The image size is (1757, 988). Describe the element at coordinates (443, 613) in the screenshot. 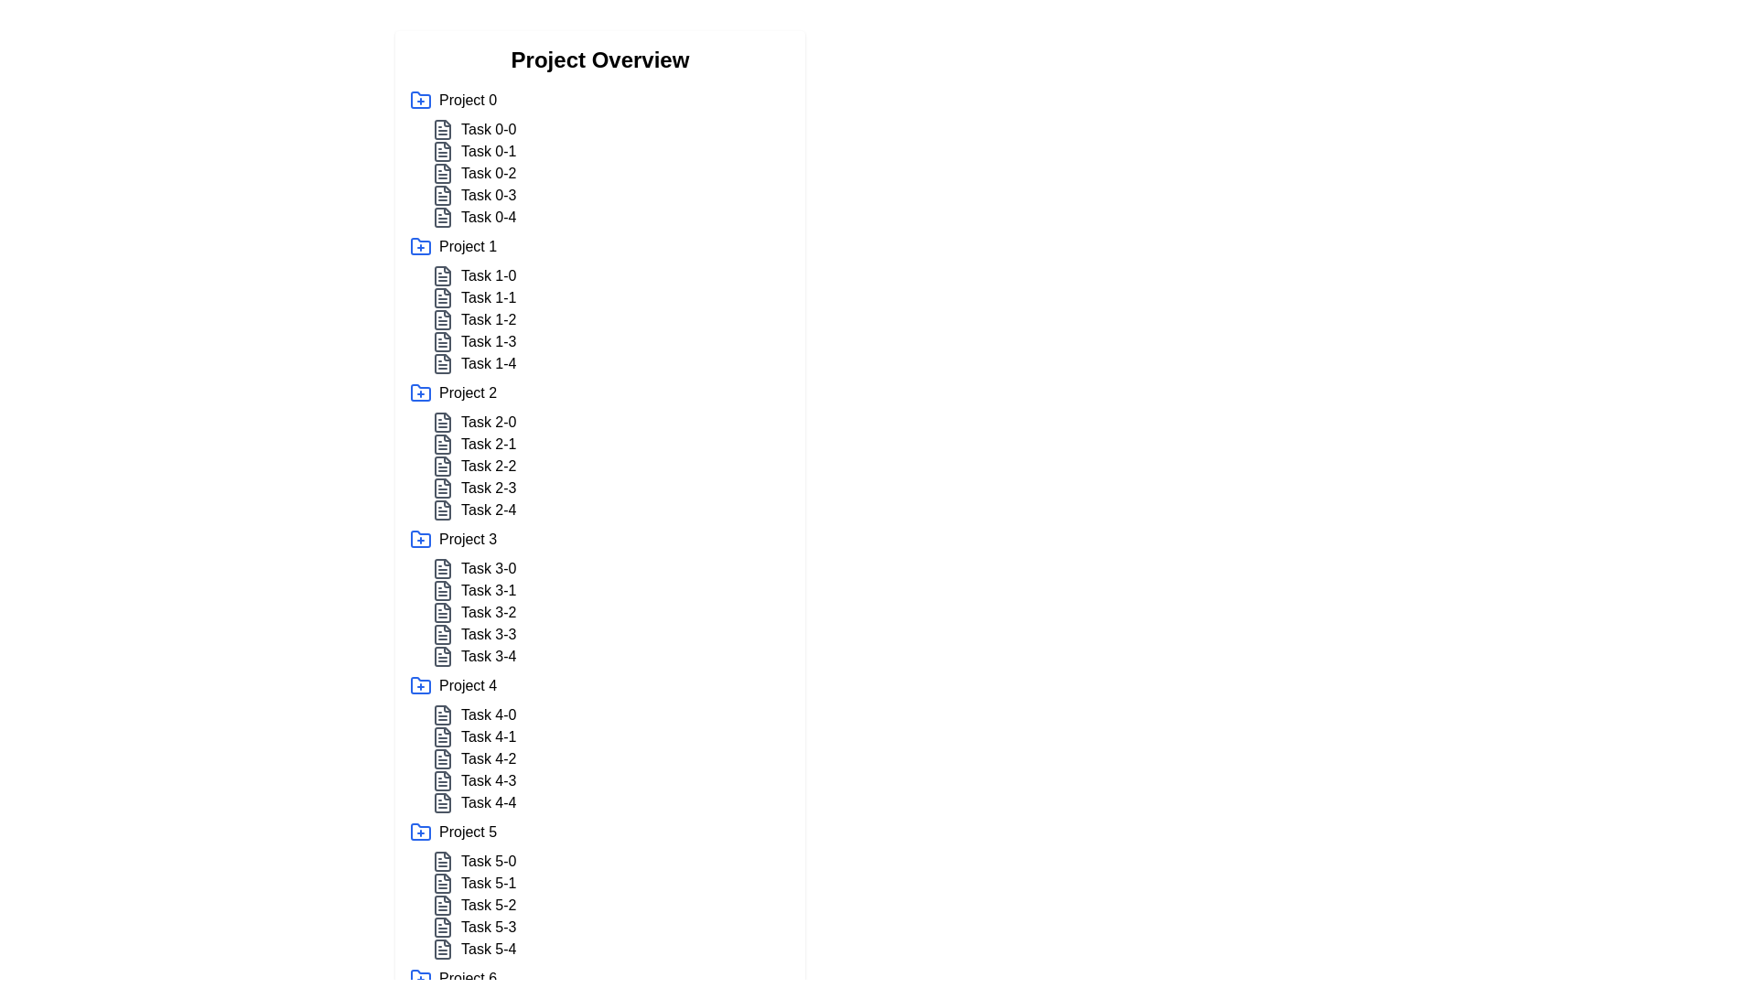

I see `the document icon styled in gray, which is the first graphical item of the entry labeled 'Task 3-2' under 'Project 3'` at that location.